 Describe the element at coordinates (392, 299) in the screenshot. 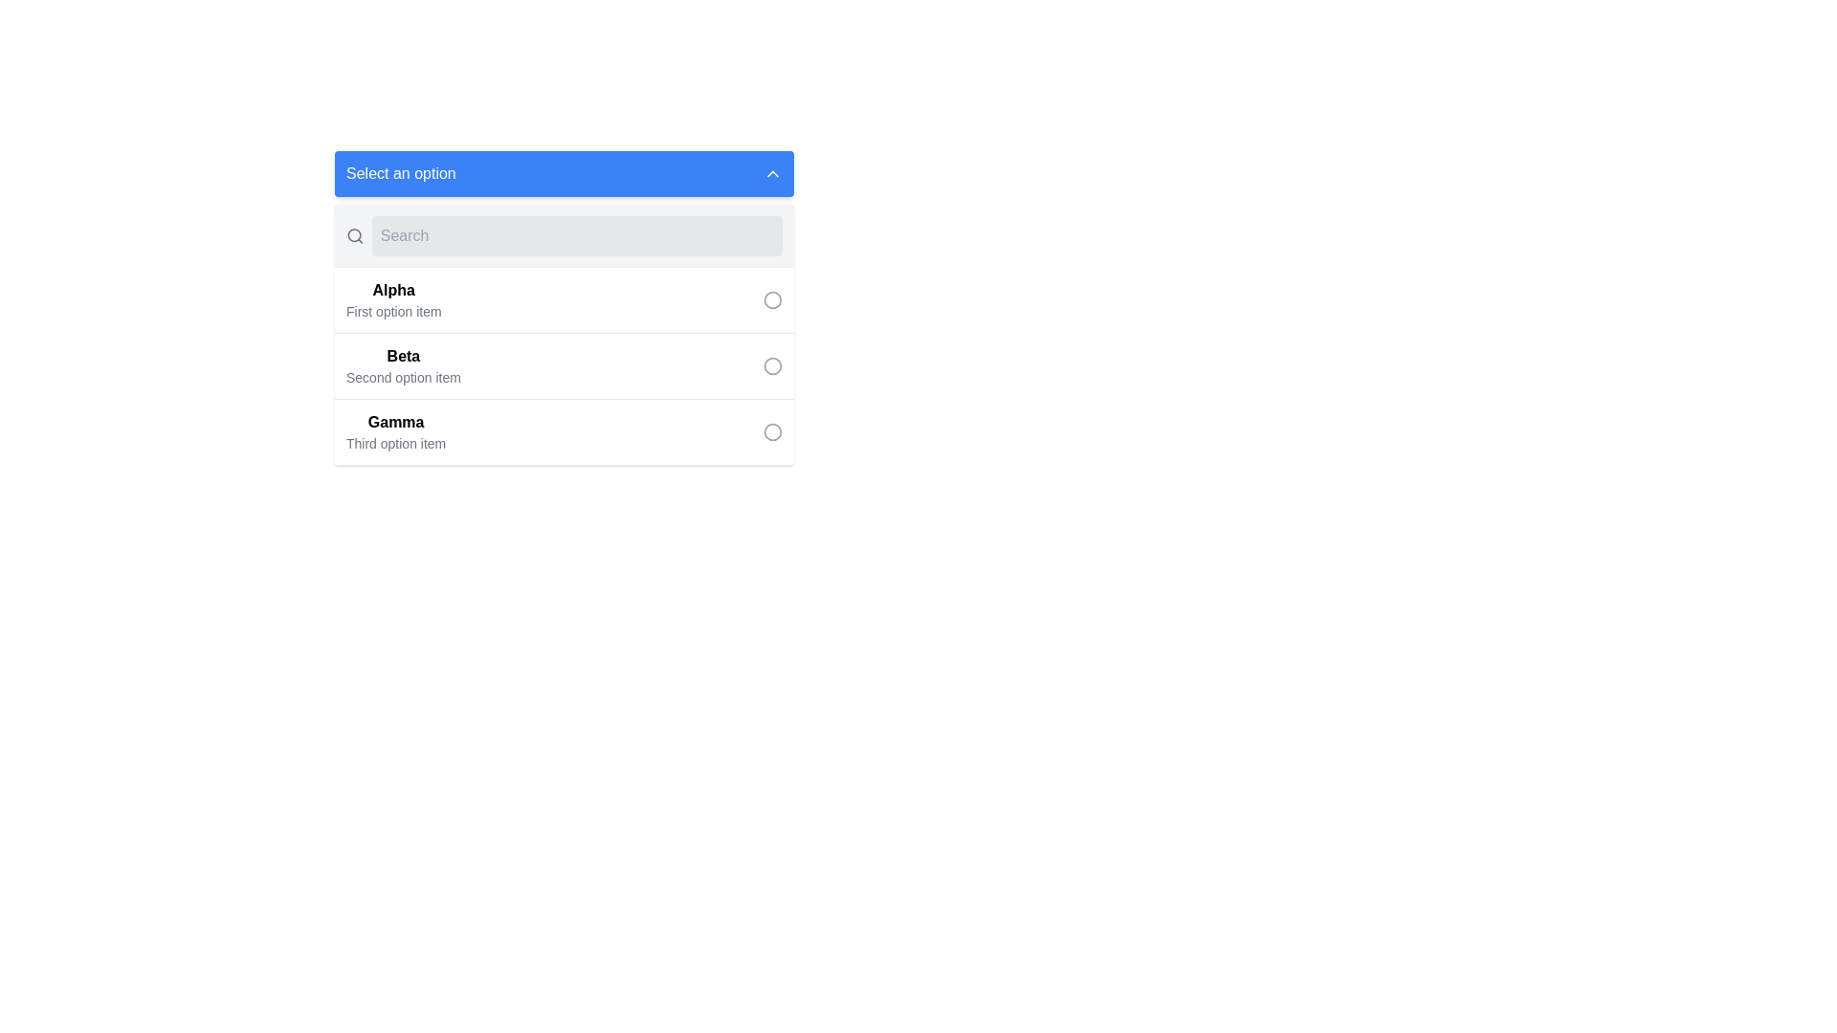

I see `to select the first option item in the dropdown menu titled 'Select an option', located below the search bar and above the items labeled 'Beta' and 'Gamma'` at that location.